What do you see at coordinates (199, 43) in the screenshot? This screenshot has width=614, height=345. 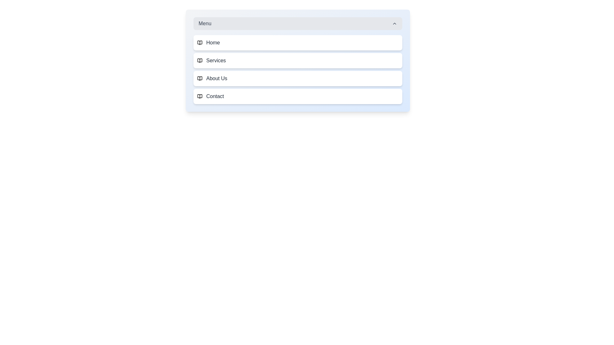 I see `the open book icon located to the left of the 'Home' text in the menu panel` at bounding box center [199, 43].